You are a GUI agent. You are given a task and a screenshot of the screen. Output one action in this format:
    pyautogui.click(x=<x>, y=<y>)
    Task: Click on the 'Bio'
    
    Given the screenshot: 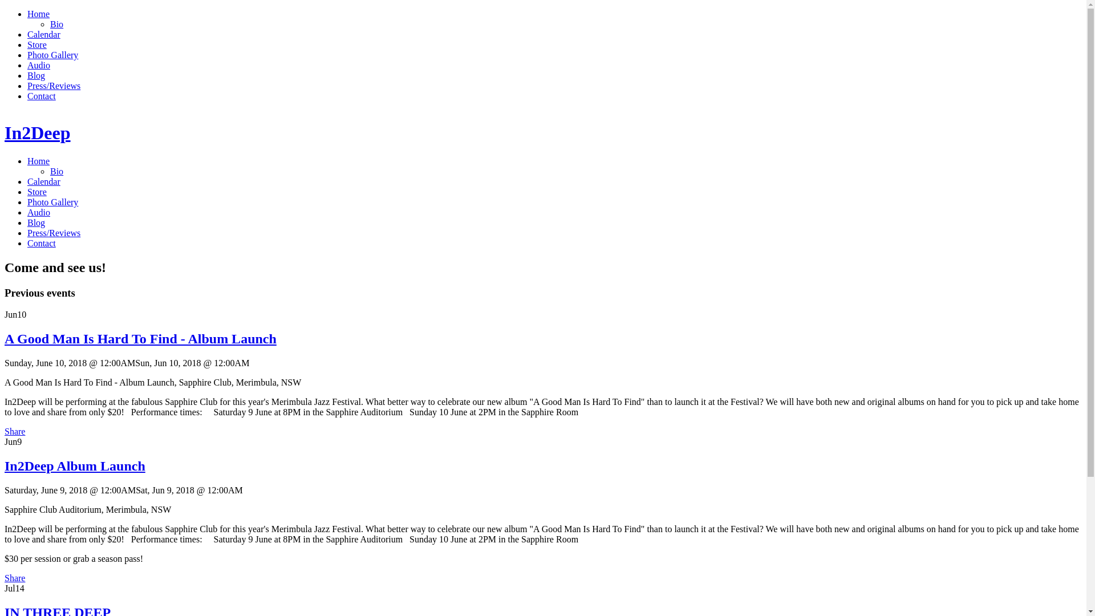 What is the action you would take?
    pyautogui.click(x=56, y=171)
    